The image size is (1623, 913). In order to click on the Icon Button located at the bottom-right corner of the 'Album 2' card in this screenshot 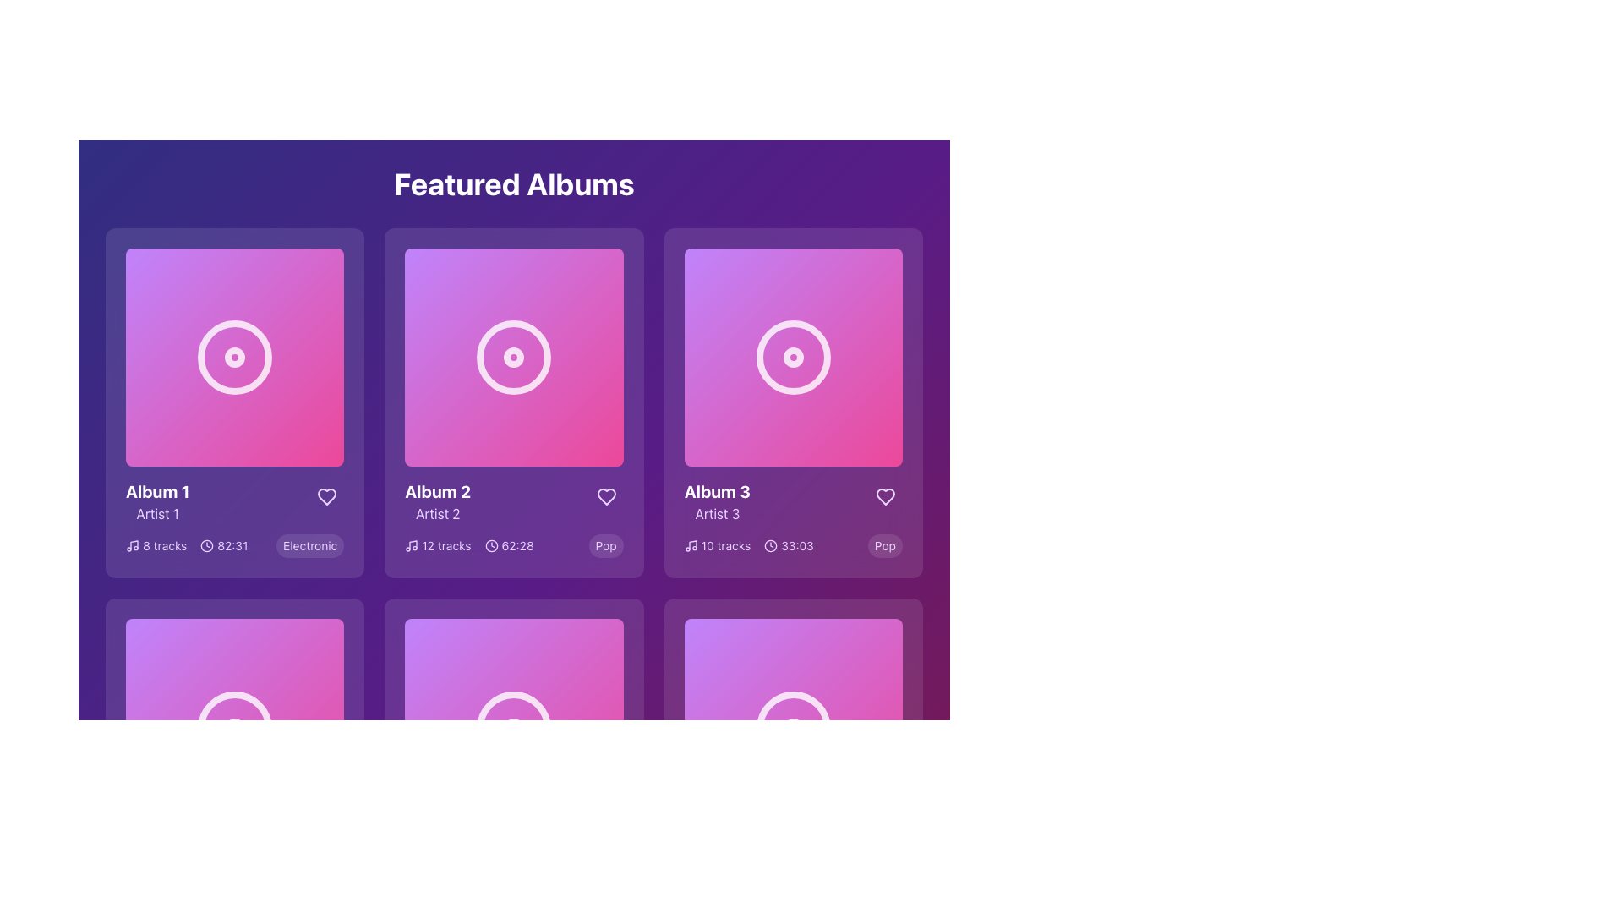, I will do `click(606, 496)`.